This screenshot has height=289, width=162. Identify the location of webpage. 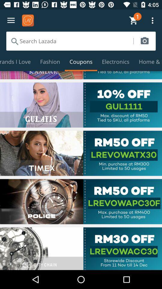
(81, 201).